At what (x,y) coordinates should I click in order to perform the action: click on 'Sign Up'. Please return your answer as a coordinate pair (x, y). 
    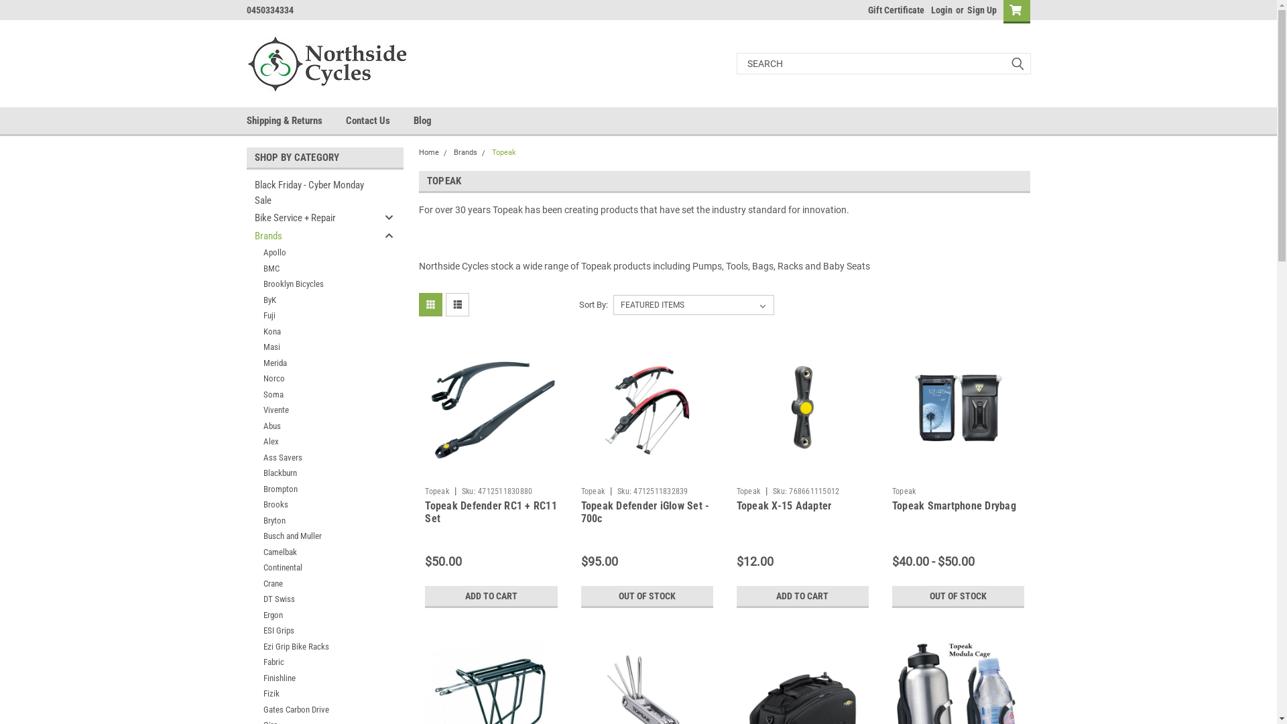
    Looking at the image, I should click on (963, 10).